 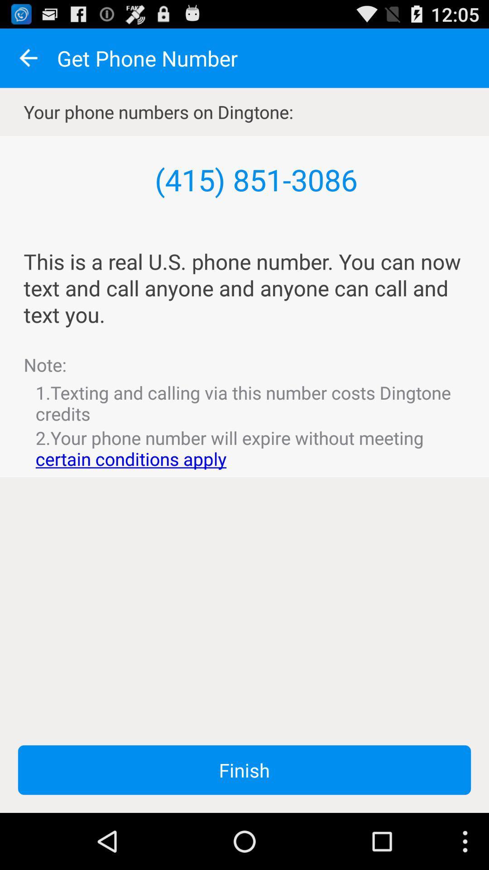 What do you see at coordinates (244, 769) in the screenshot?
I see `the icon below the 2 your phone icon` at bounding box center [244, 769].